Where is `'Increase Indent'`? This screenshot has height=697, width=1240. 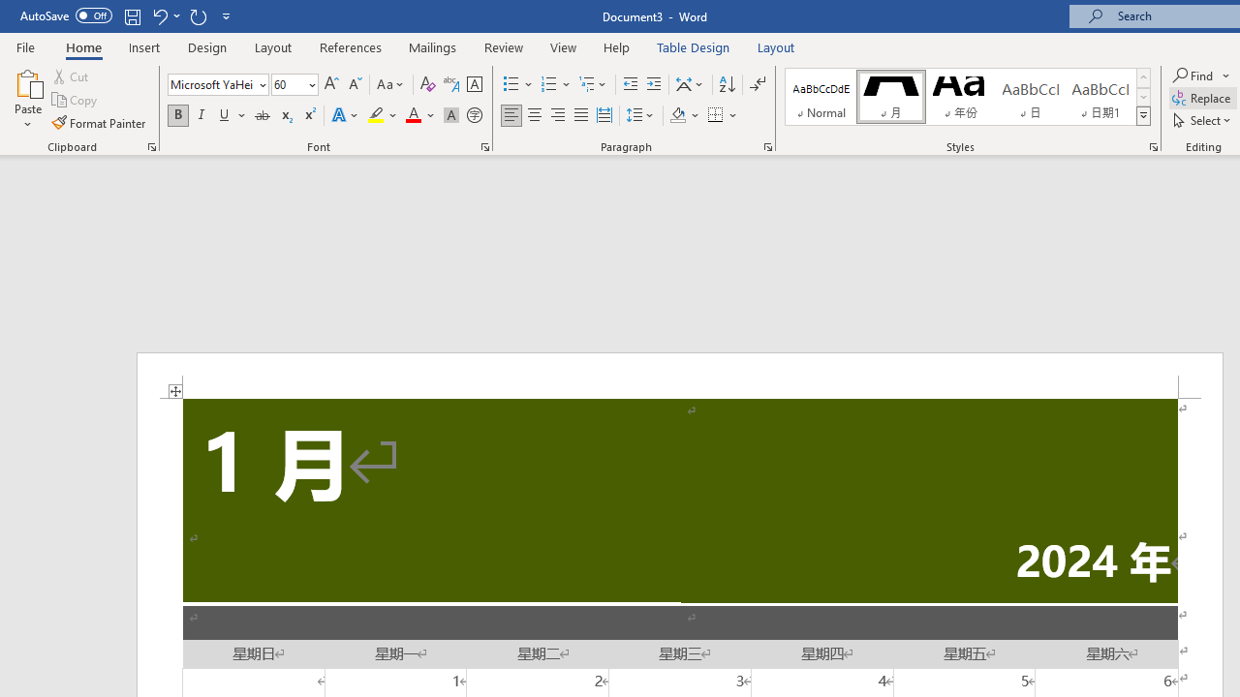 'Increase Indent' is located at coordinates (654, 83).